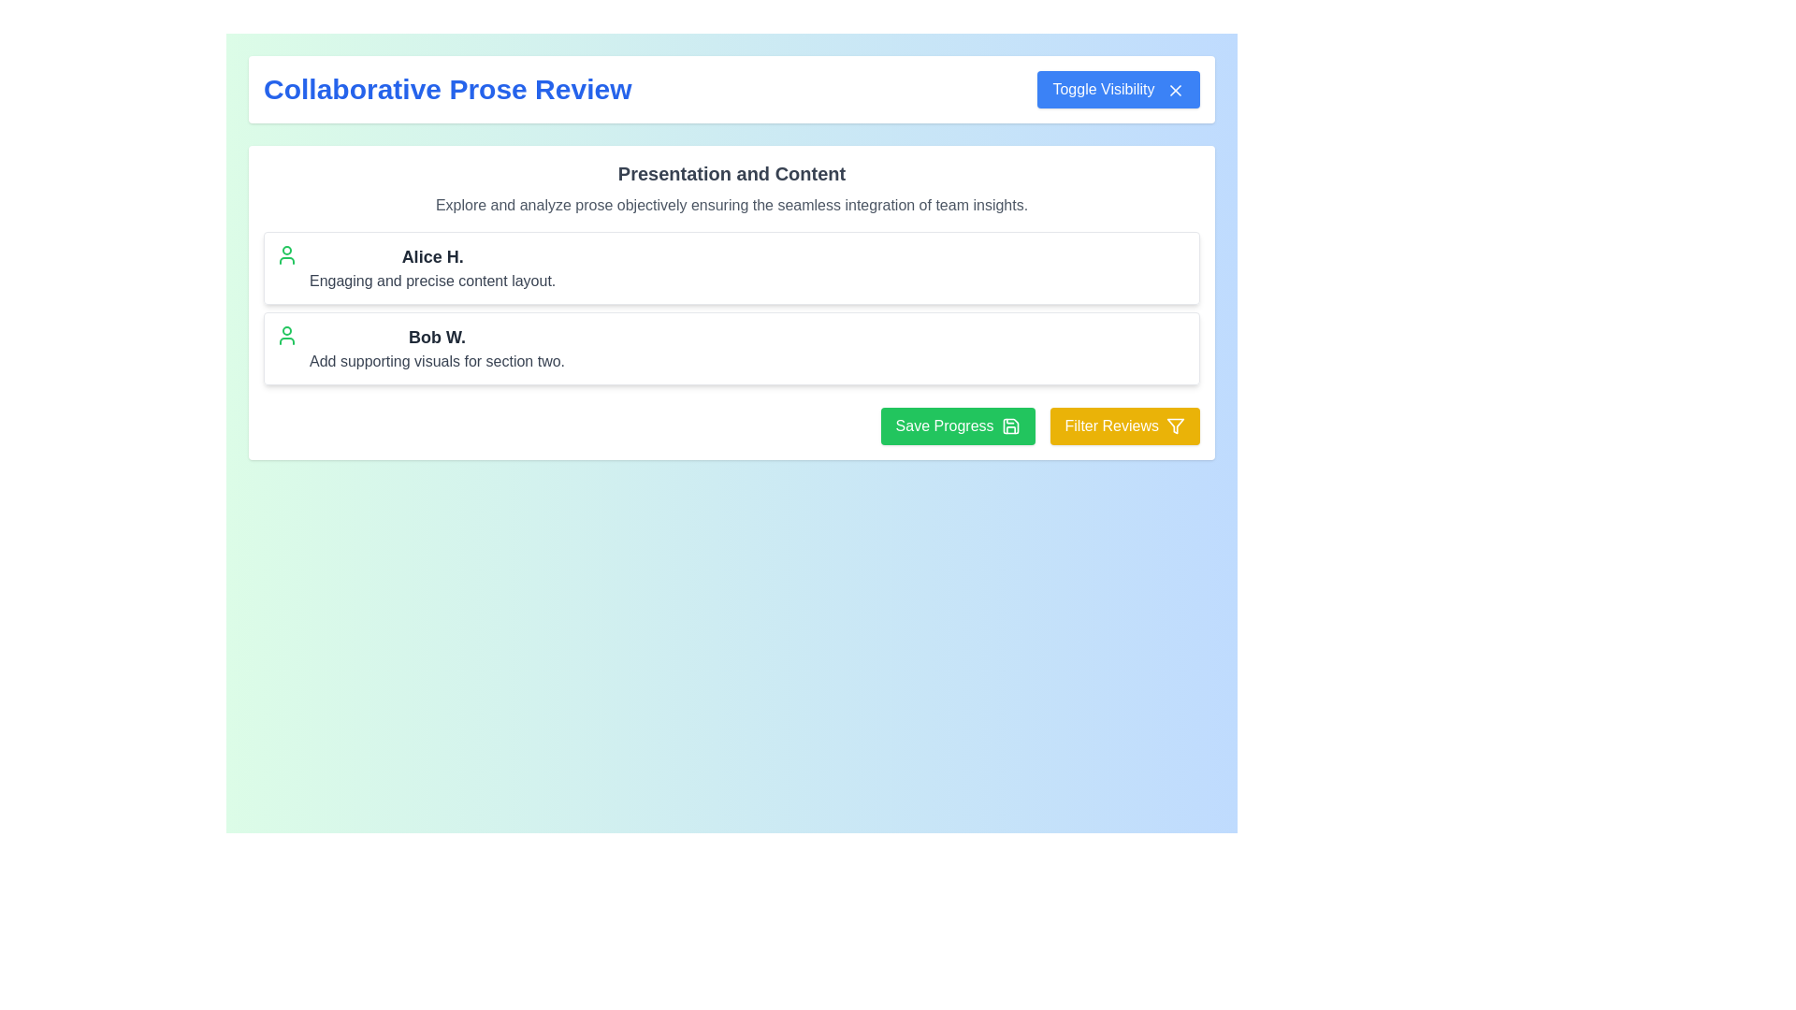  What do you see at coordinates (431, 267) in the screenshot?
I see `text content of the Label displaying 'Alice H.', which is the first item in a vertical list on a white background in the upper section of the interface` at bounding box center [431, 267].